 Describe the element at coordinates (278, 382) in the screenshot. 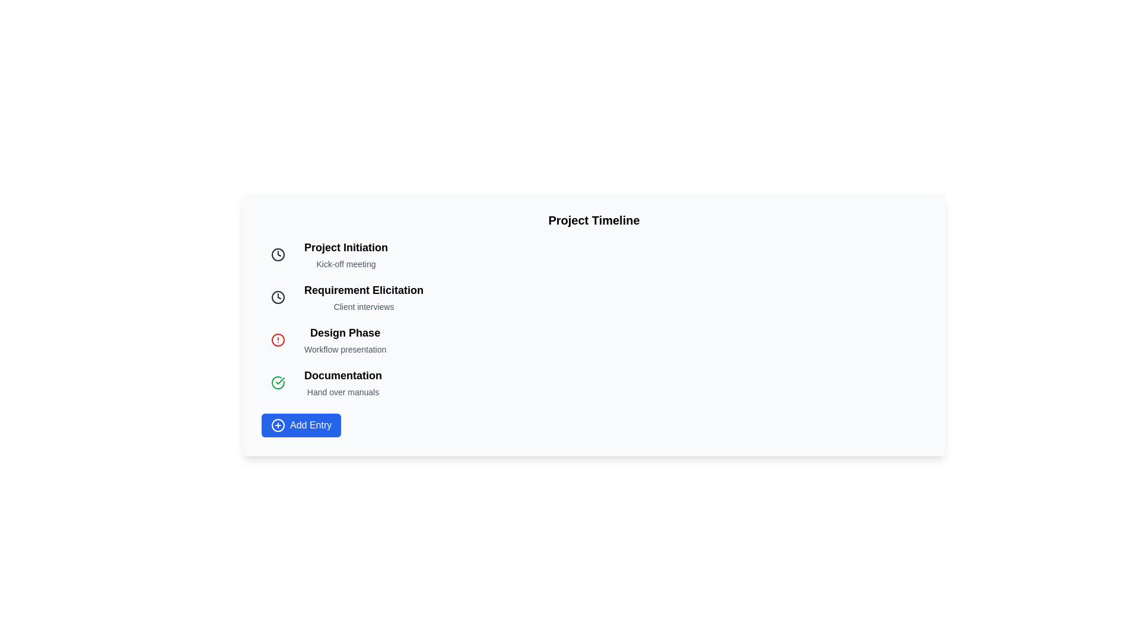

I see `the checkmark icon with a circular border and green hue, which signifies completion, located in the 'Documentation' timeline entry` at that location.